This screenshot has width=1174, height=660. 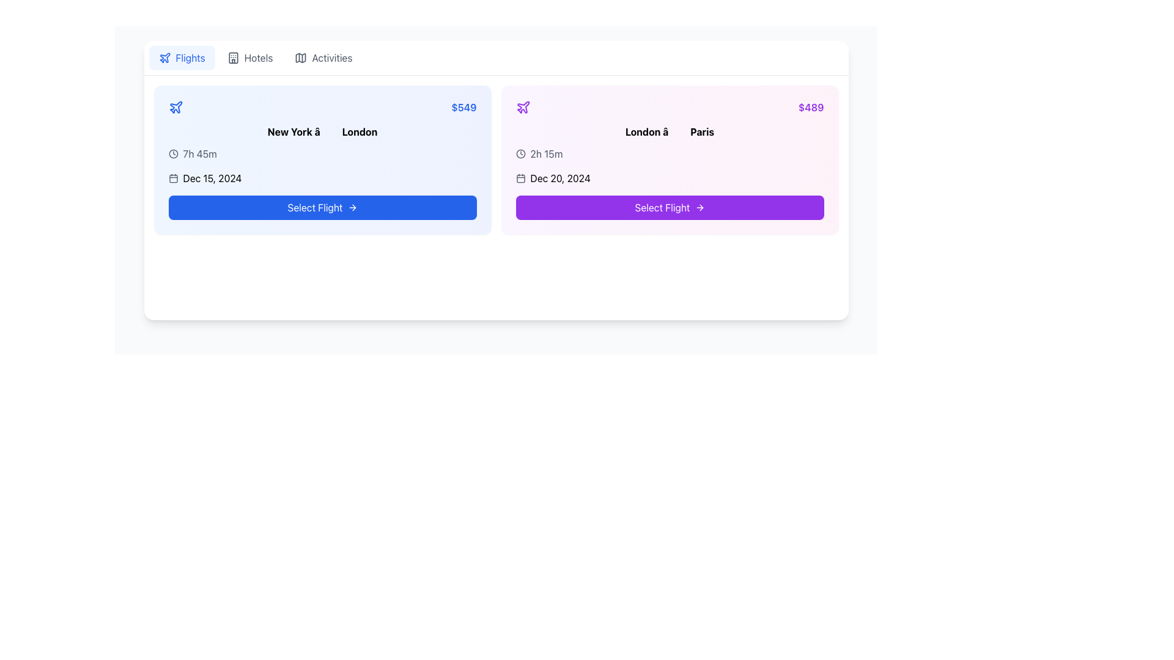 What do you see at coordinates (181, 58) in the screenshot?
I see `the 'Flights' button located at the first position in the horizontal menu` at bounding box center [181, 58].